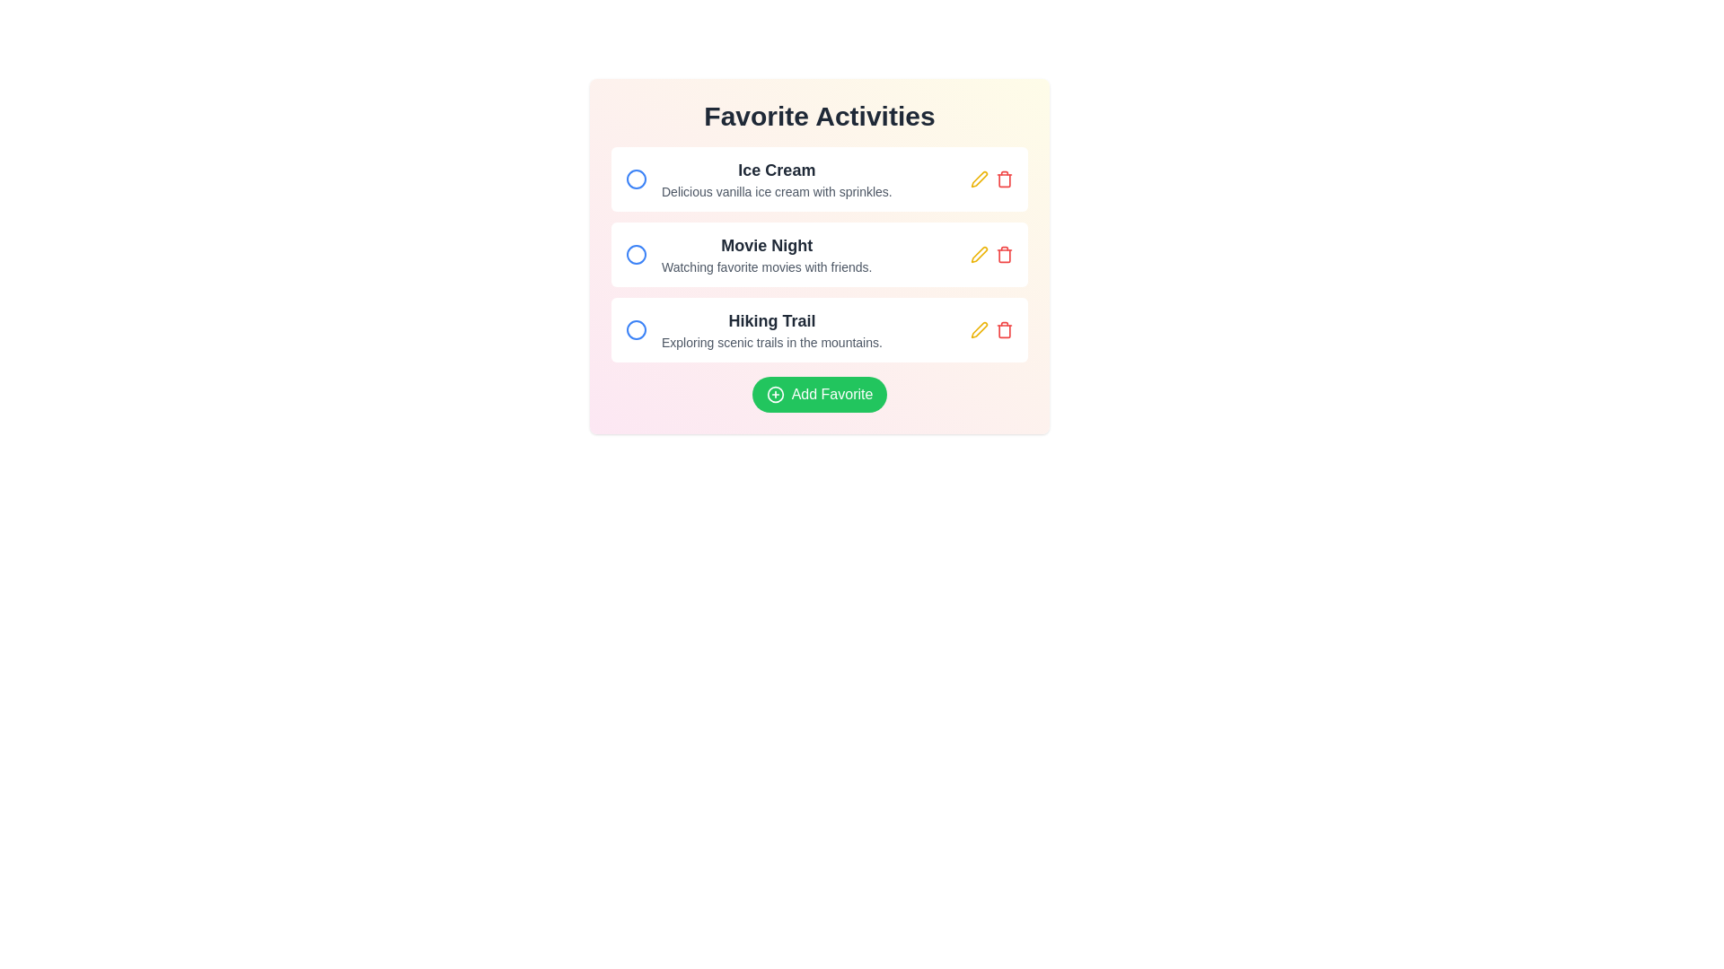  I want to click on descriptive text of the list item titled 'Hiking Trail', which includes the heading and subtext, located centrally in the list of favorite activities, so click(754, 329).